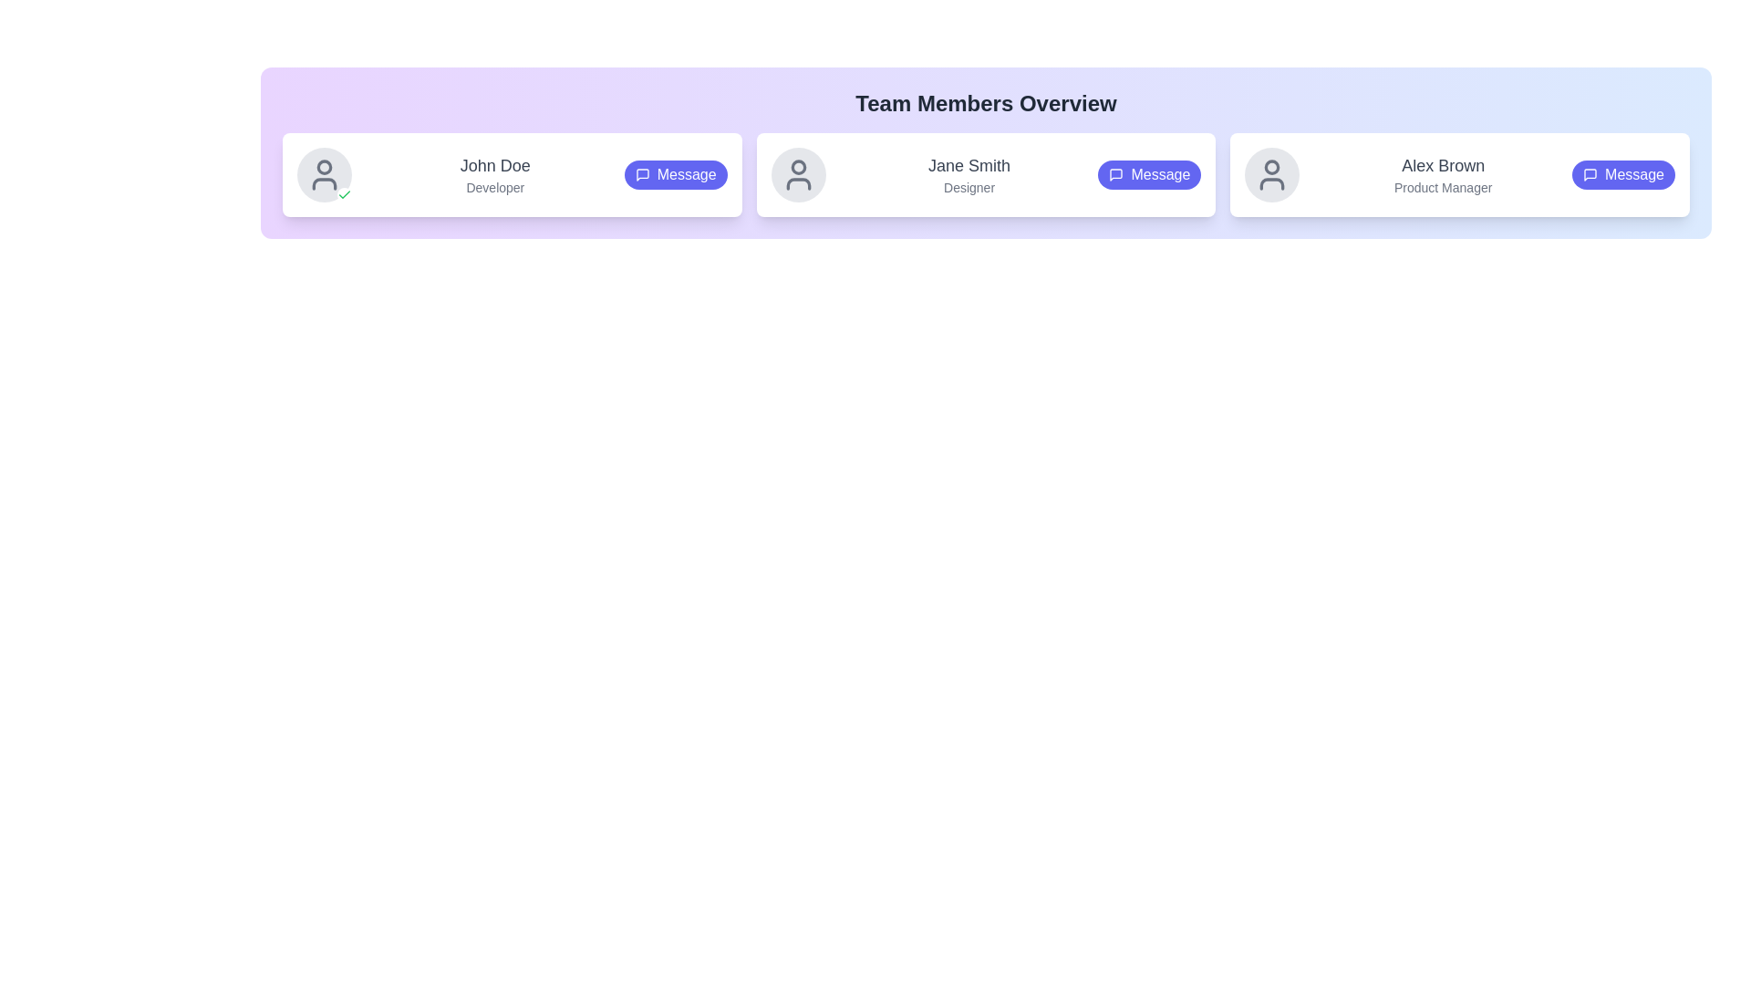 The image size is (1751, 985). I want to click on the confirmation icon located at the bottom-right of the circular user profile area next to 'John Doe' and 'Developer', so click(345, 194).